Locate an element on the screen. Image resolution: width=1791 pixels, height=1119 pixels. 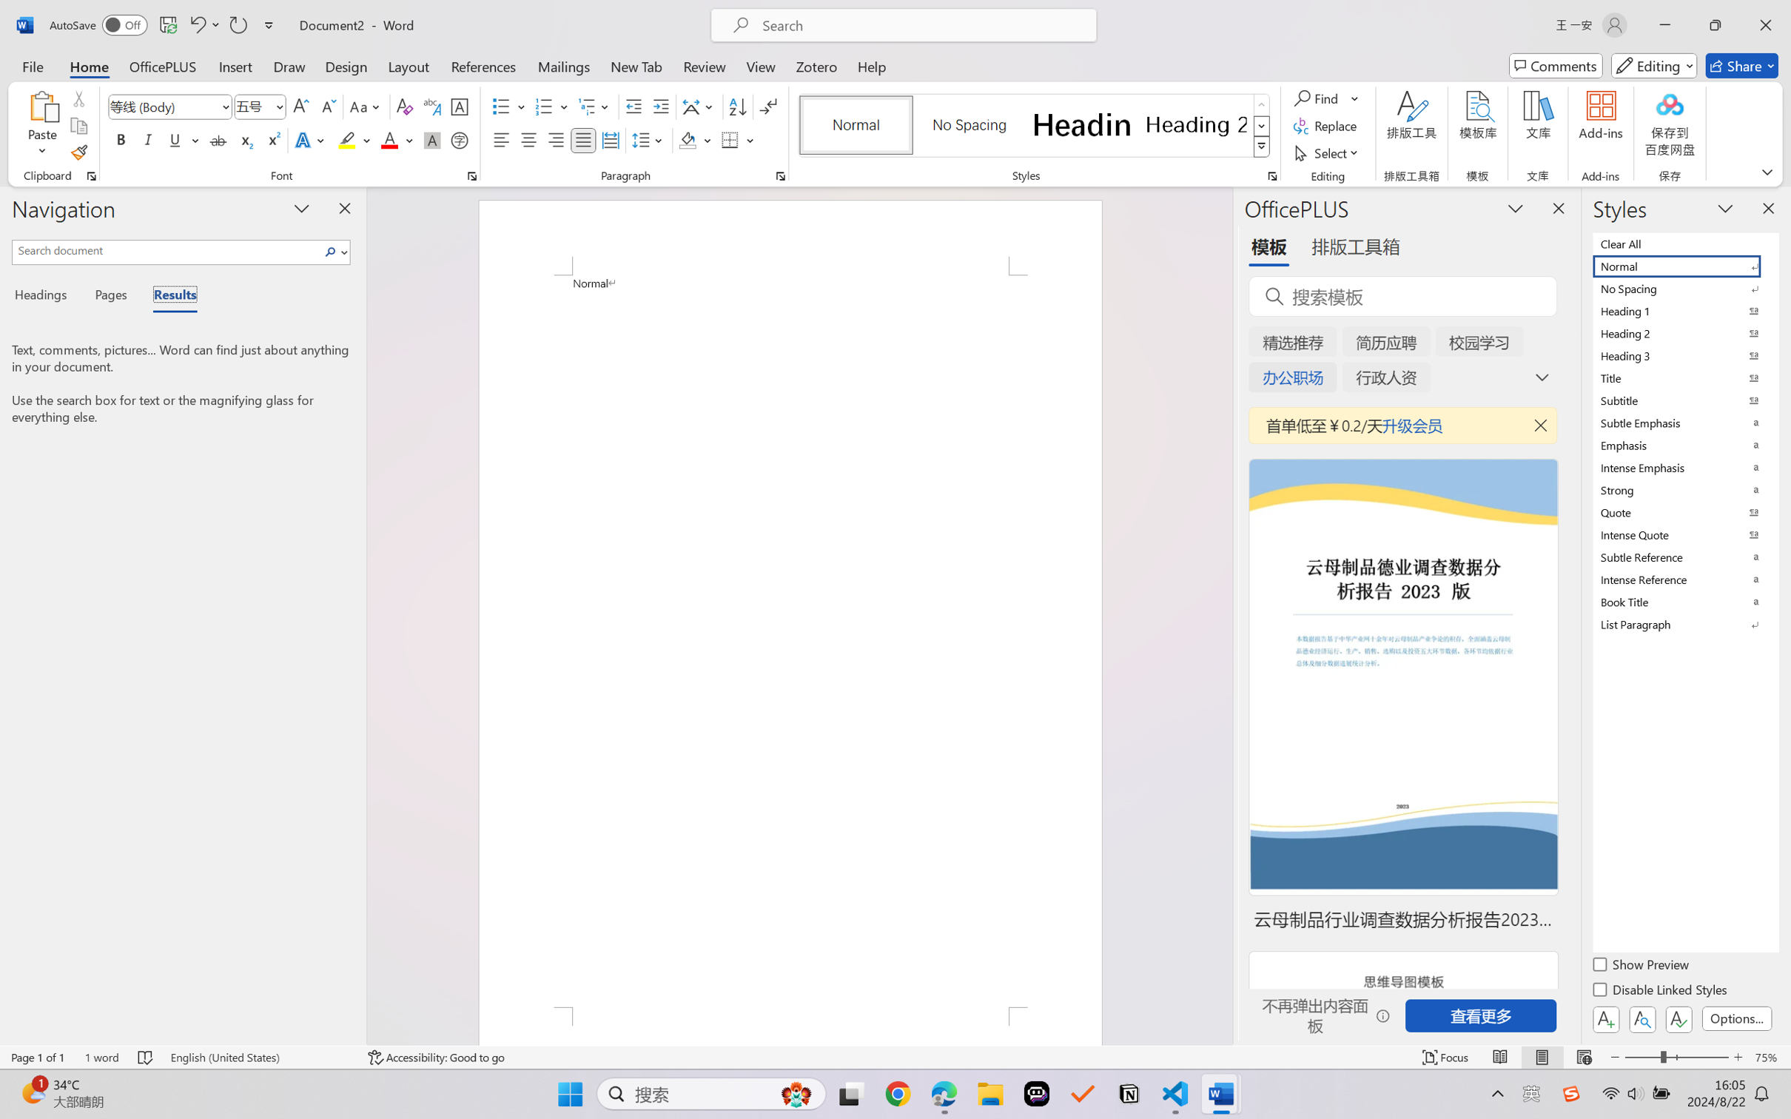
'Text Highlight Color' is located at coordinates (353, 139).